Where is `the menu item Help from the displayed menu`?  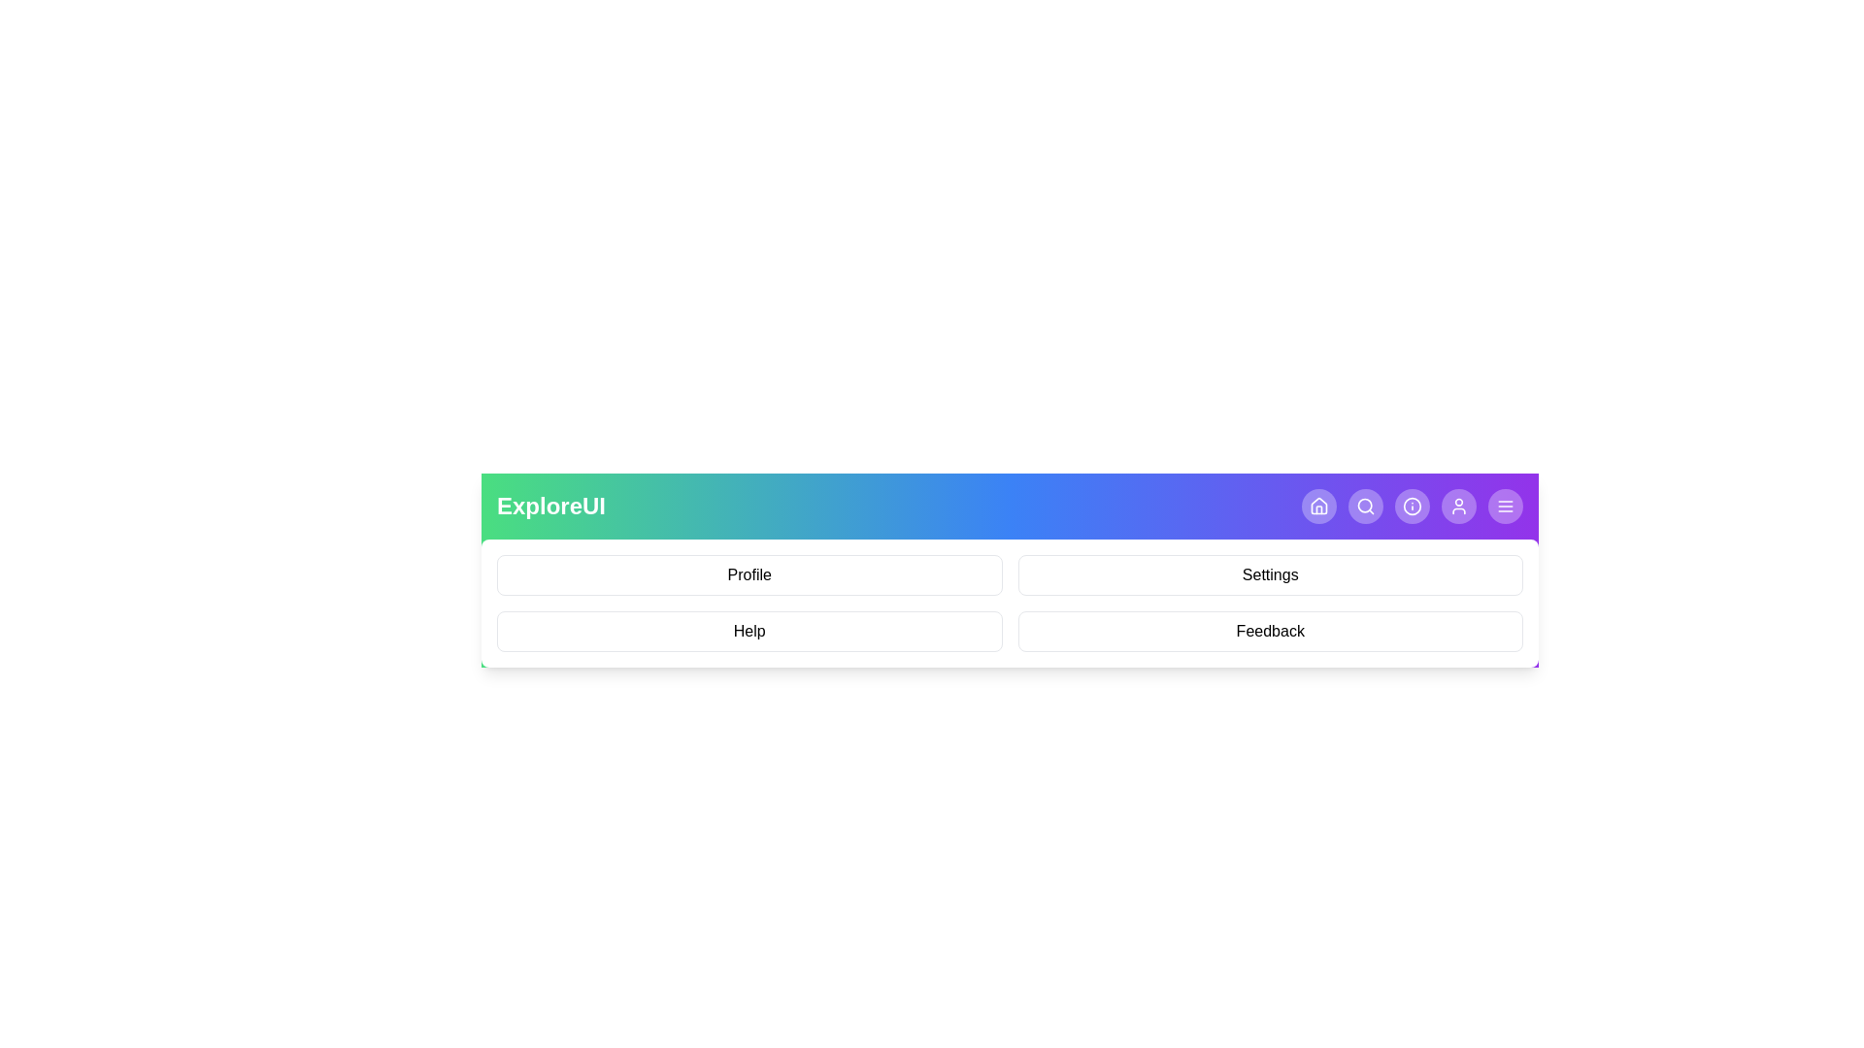
the menu item Help from the displayed menu is located at coordinates (749, 632).